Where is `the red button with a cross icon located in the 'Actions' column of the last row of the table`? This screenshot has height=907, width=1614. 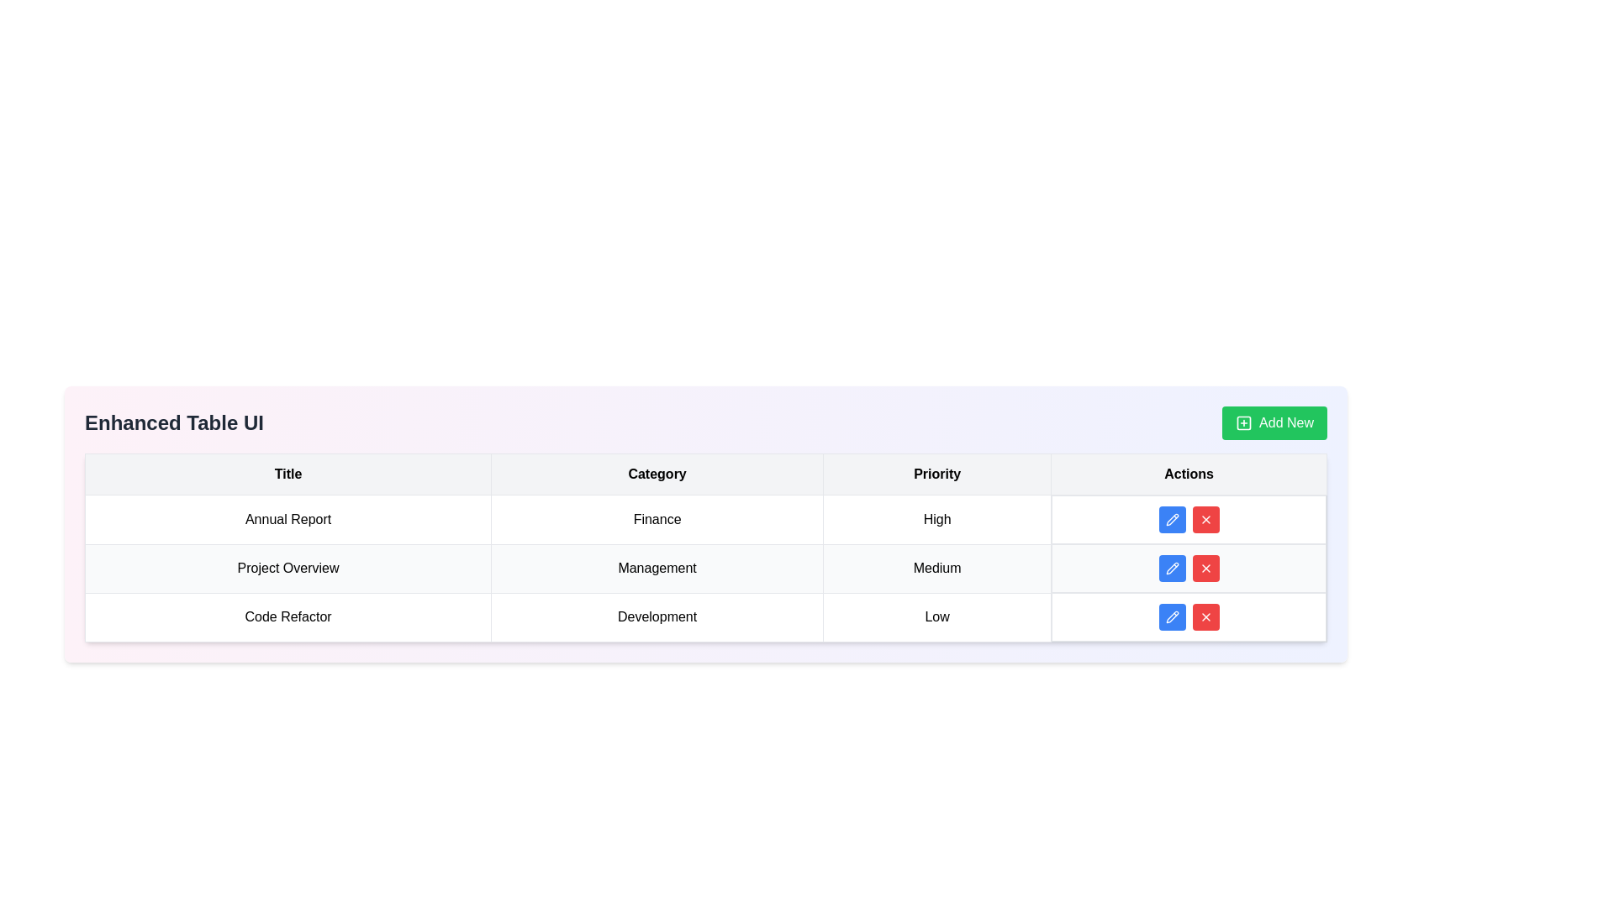 the red button with a cross icon located in the 'Actions' column of the last row of the table is located at coordinates (1205, 617).